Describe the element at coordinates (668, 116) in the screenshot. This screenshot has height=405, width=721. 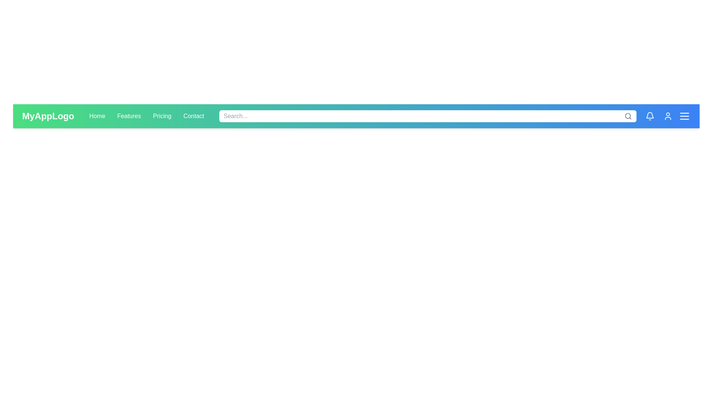
I see `the user account access icon, which is the second icon from the right in the navigation bar` at that location.